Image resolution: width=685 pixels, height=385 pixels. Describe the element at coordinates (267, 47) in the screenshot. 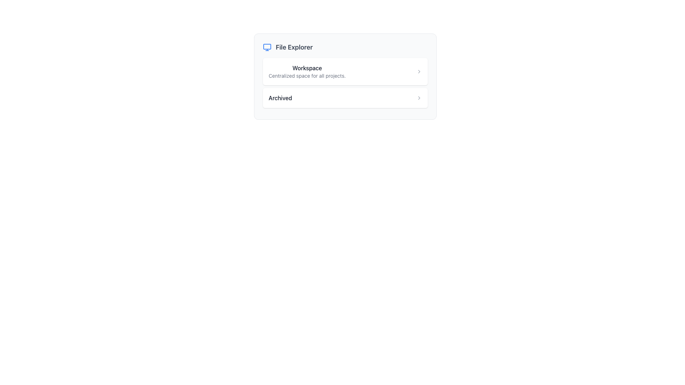

I see `the blue monitor icon located to the left of the text 'File Explorer' in the header section` at that location.